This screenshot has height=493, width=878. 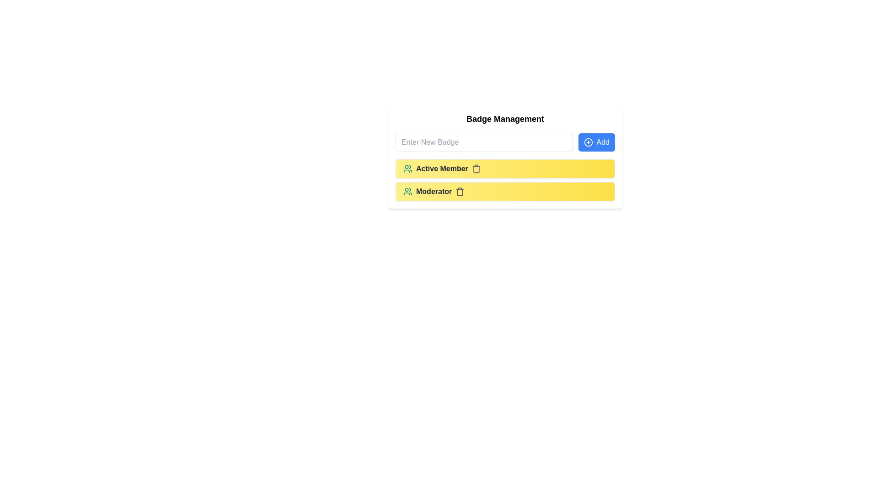 What do you see at coordinates (504, 180) in the screenshot?
I see `the badge list area to focus on the list of badges` at bounding box center [504, 180].